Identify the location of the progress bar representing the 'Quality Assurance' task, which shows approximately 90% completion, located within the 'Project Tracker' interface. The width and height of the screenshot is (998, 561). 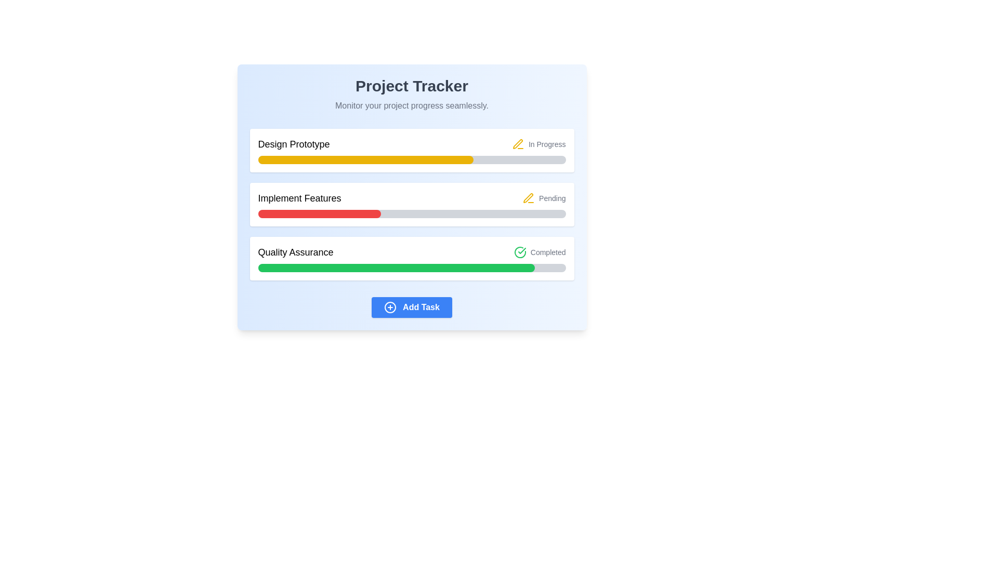
(411, 268).